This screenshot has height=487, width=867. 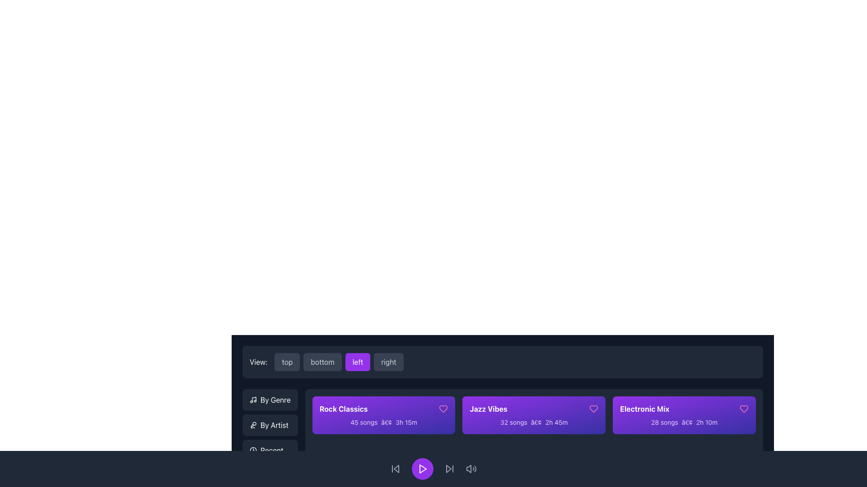 What do you see at coordinates (443, 409) in the screenshot?
I see `the pink heart-shaped icon located in the top-right corner of the 'Rock Classics' card` at bounding box center [443, 409].